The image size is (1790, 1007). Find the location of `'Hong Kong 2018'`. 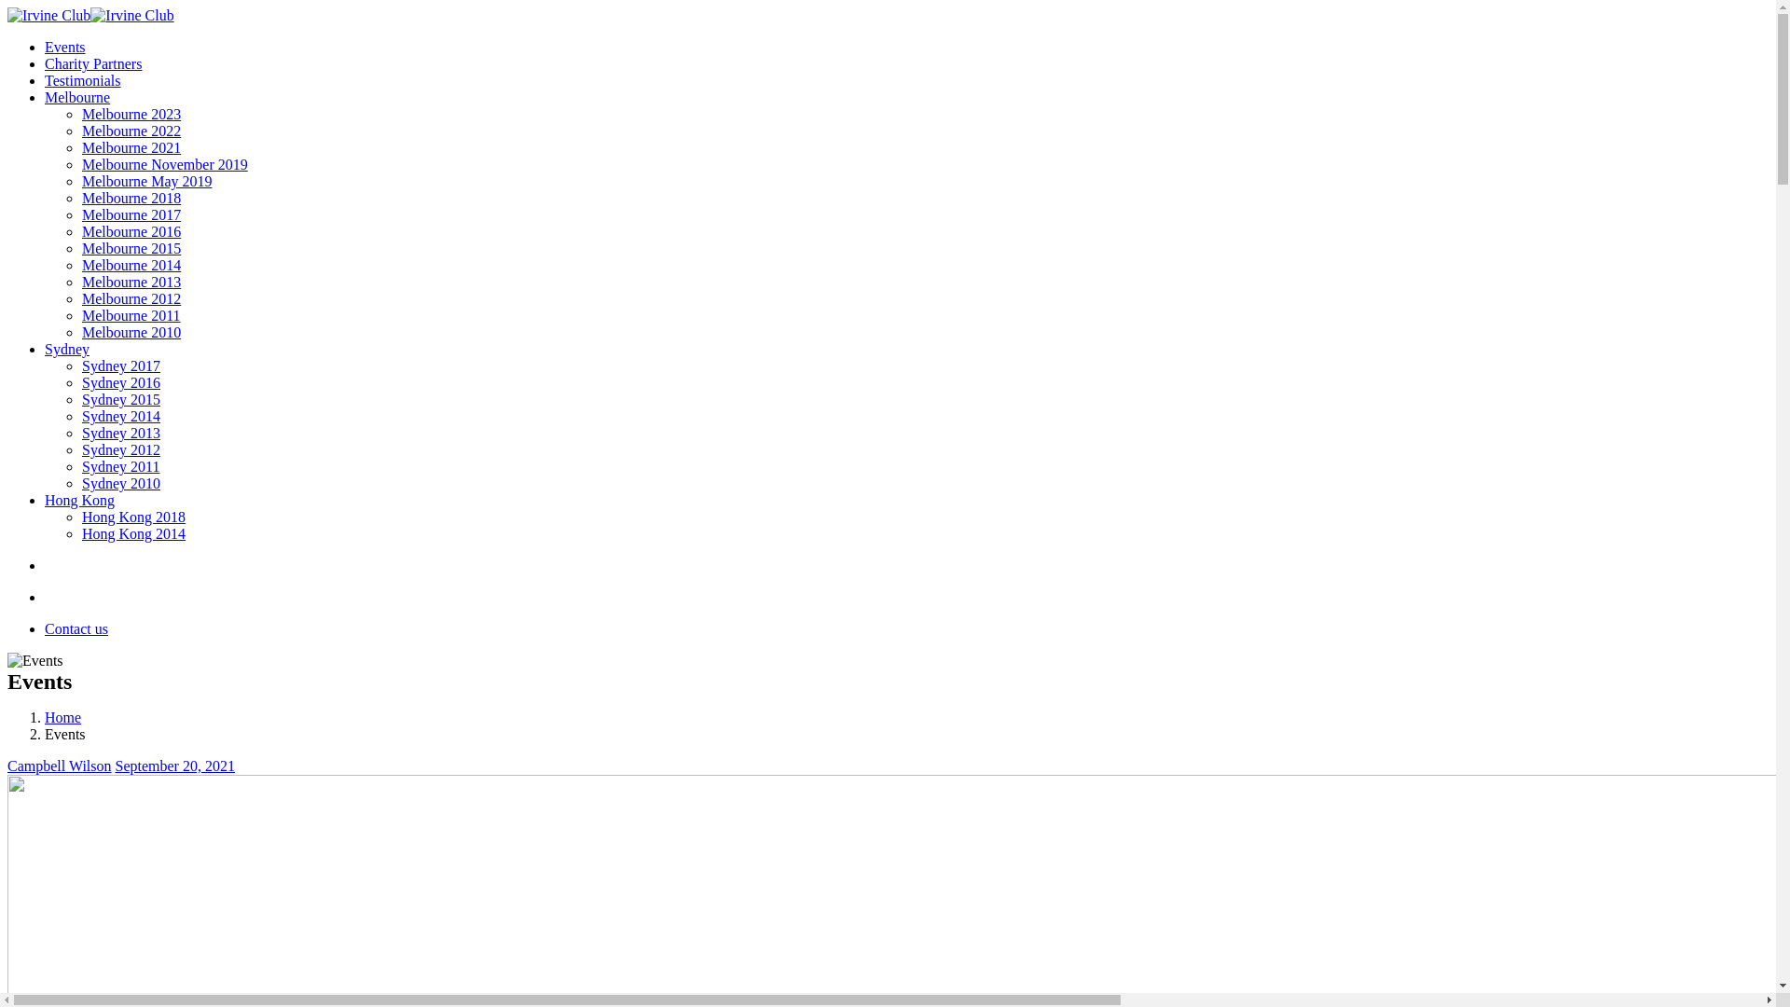

'Hong Kong 2018' is located at coordinates (132, 517).